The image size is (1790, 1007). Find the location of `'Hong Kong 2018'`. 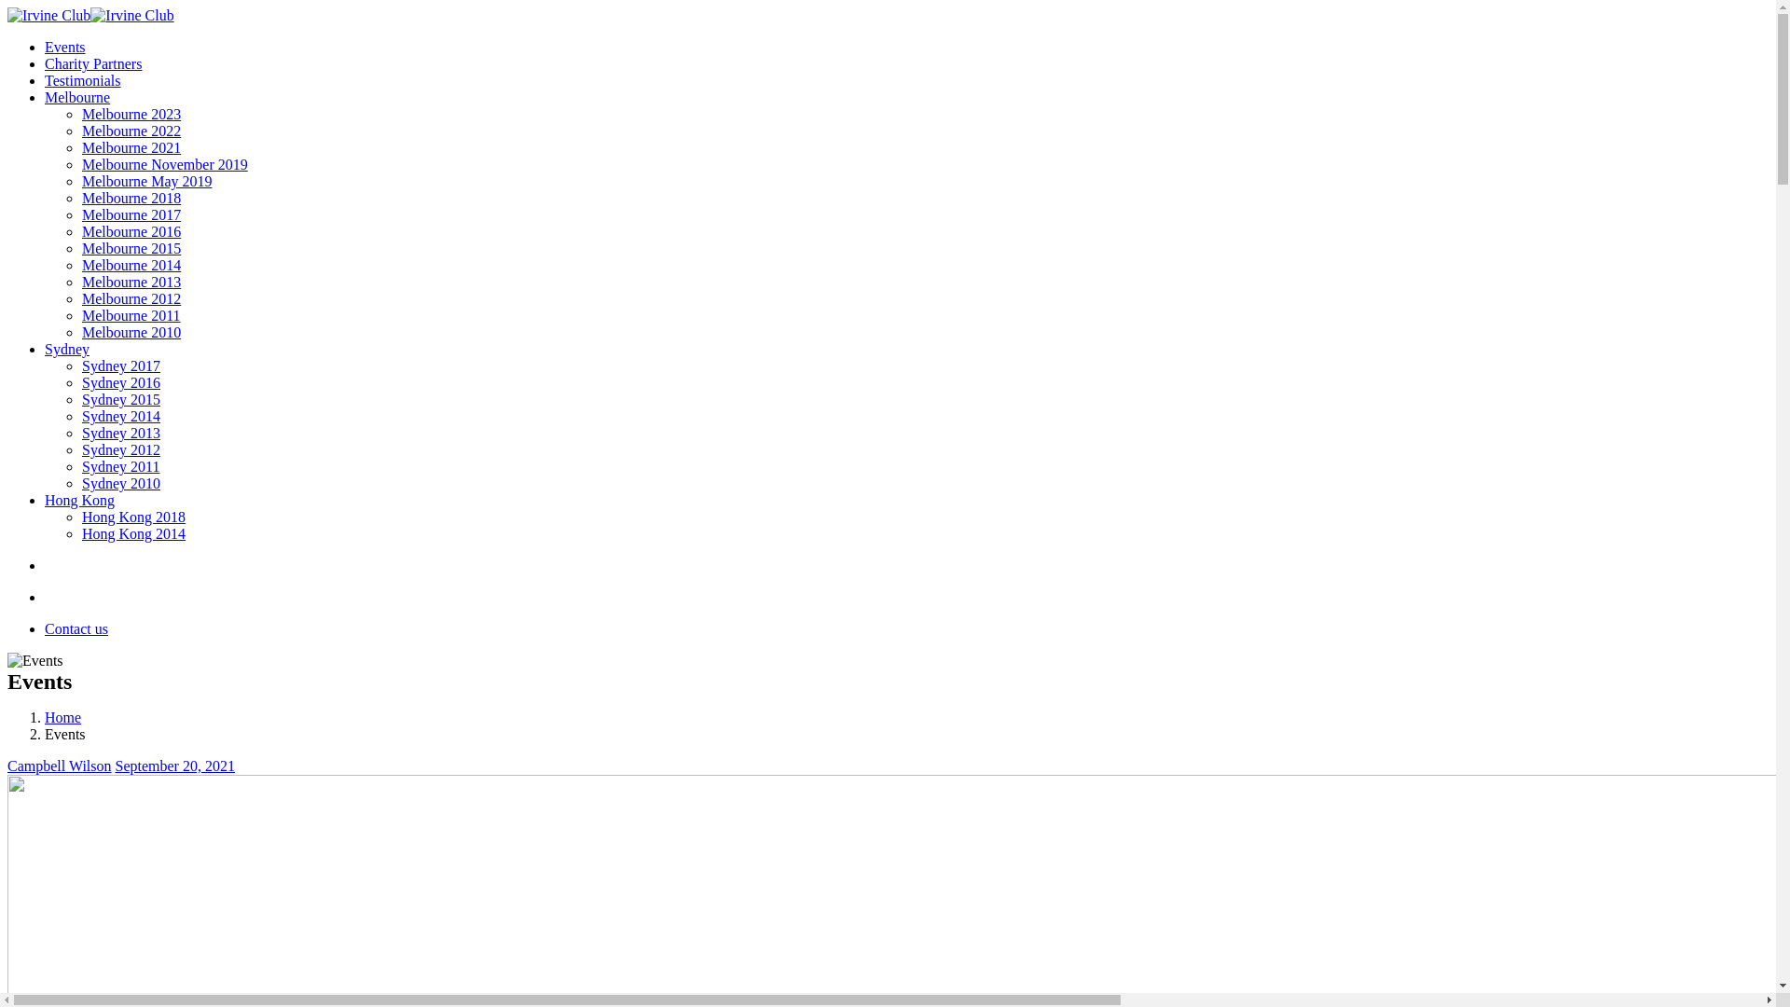

'Hong Kong 2018' is located at coordinates (132, 517).